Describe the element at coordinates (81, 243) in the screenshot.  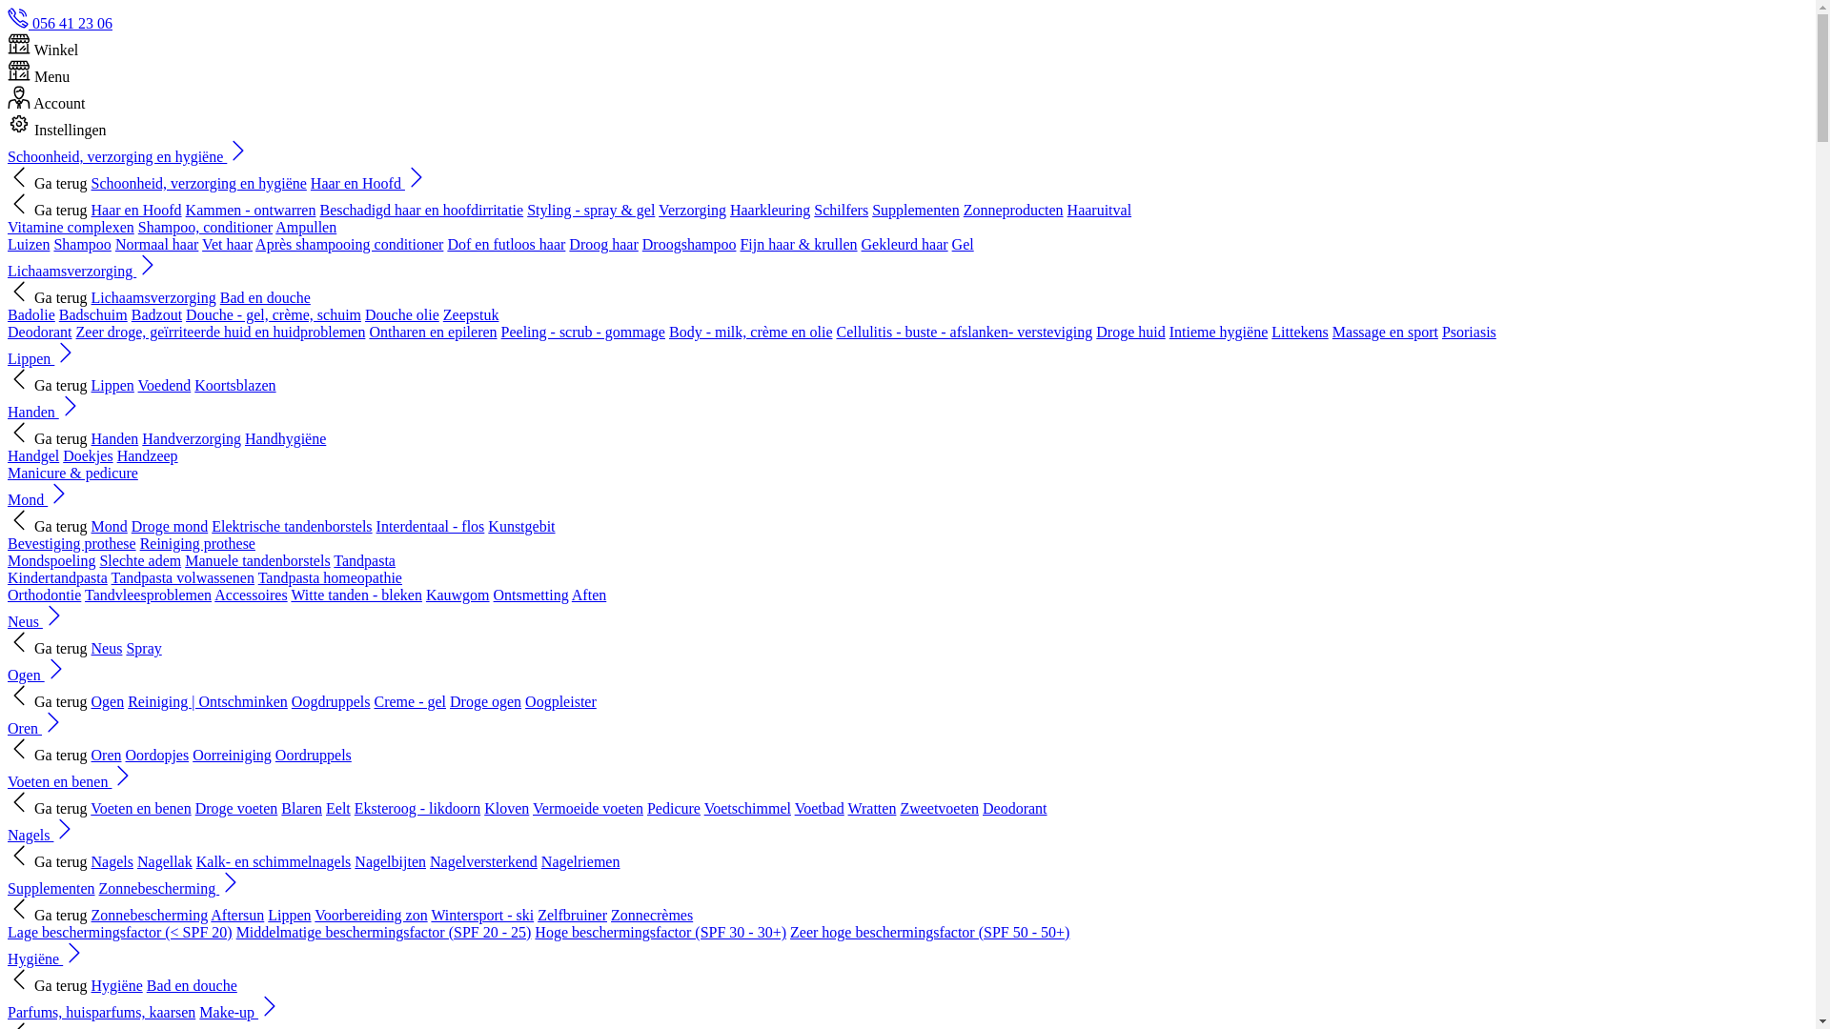
I see `'Shampoo'` at that location.